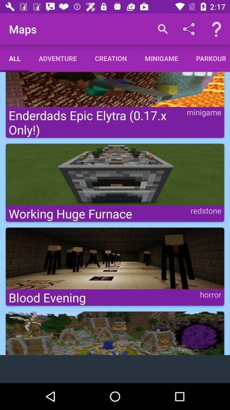  Describe the element at coordinates (163, 29) in the screenshot. I see `the item above the minigame` at that location.